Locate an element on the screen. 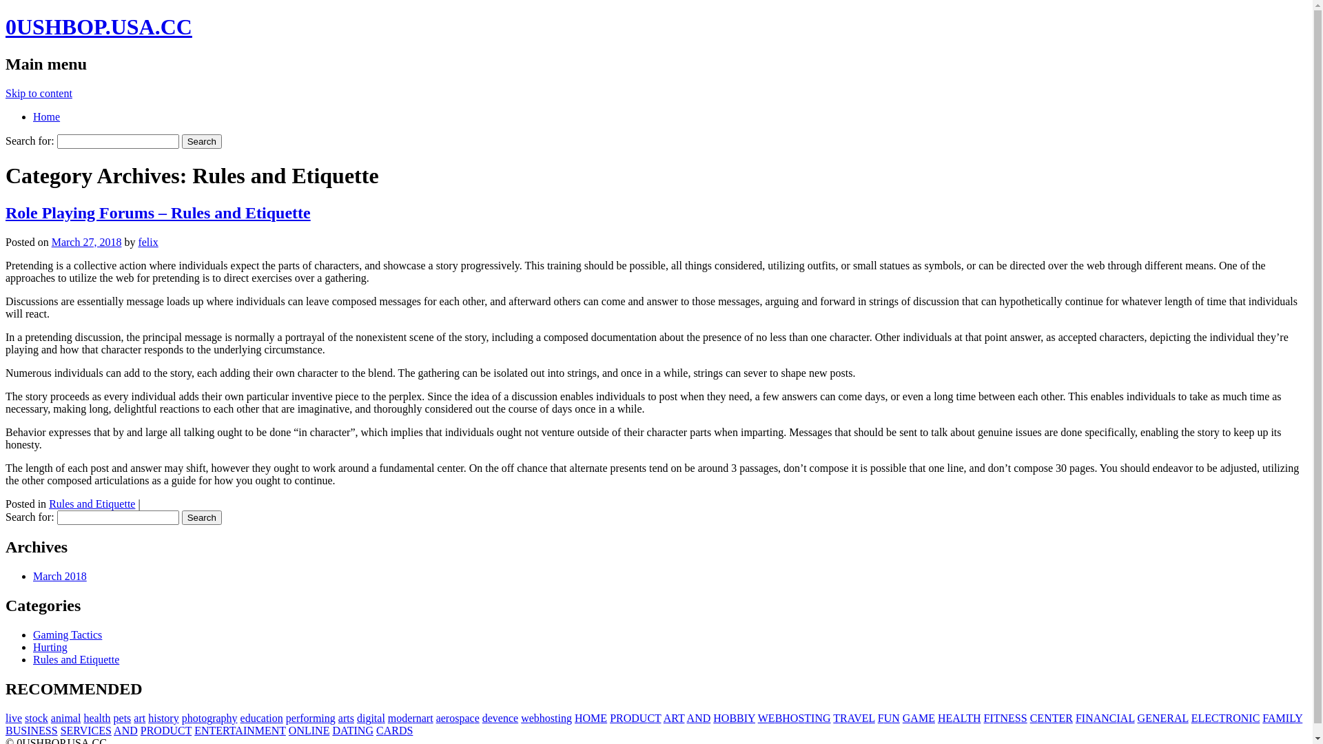  'r' is located at coordinates (297, 717).